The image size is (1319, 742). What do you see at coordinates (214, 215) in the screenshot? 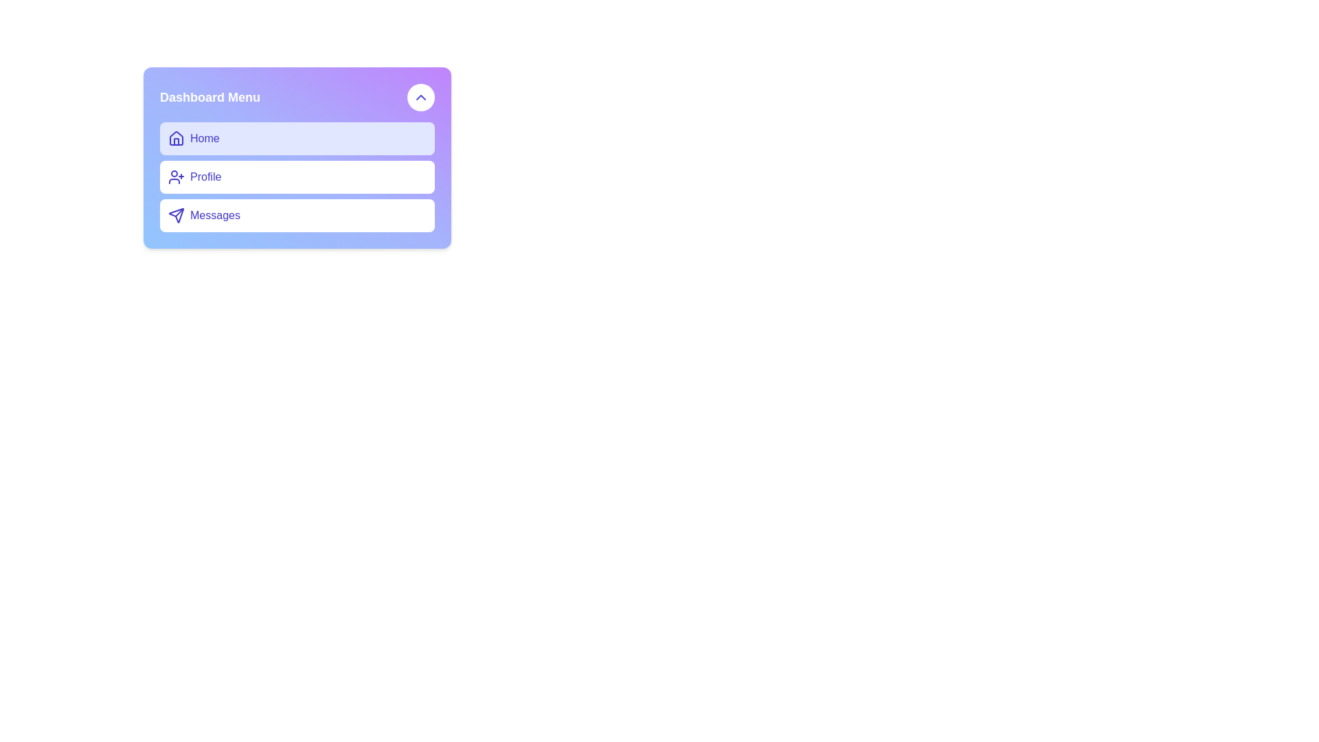
I see `label displaying 'Messages' in bold blue text within the vertical menu on the left side of the interface` at bounding box center [214, 215].